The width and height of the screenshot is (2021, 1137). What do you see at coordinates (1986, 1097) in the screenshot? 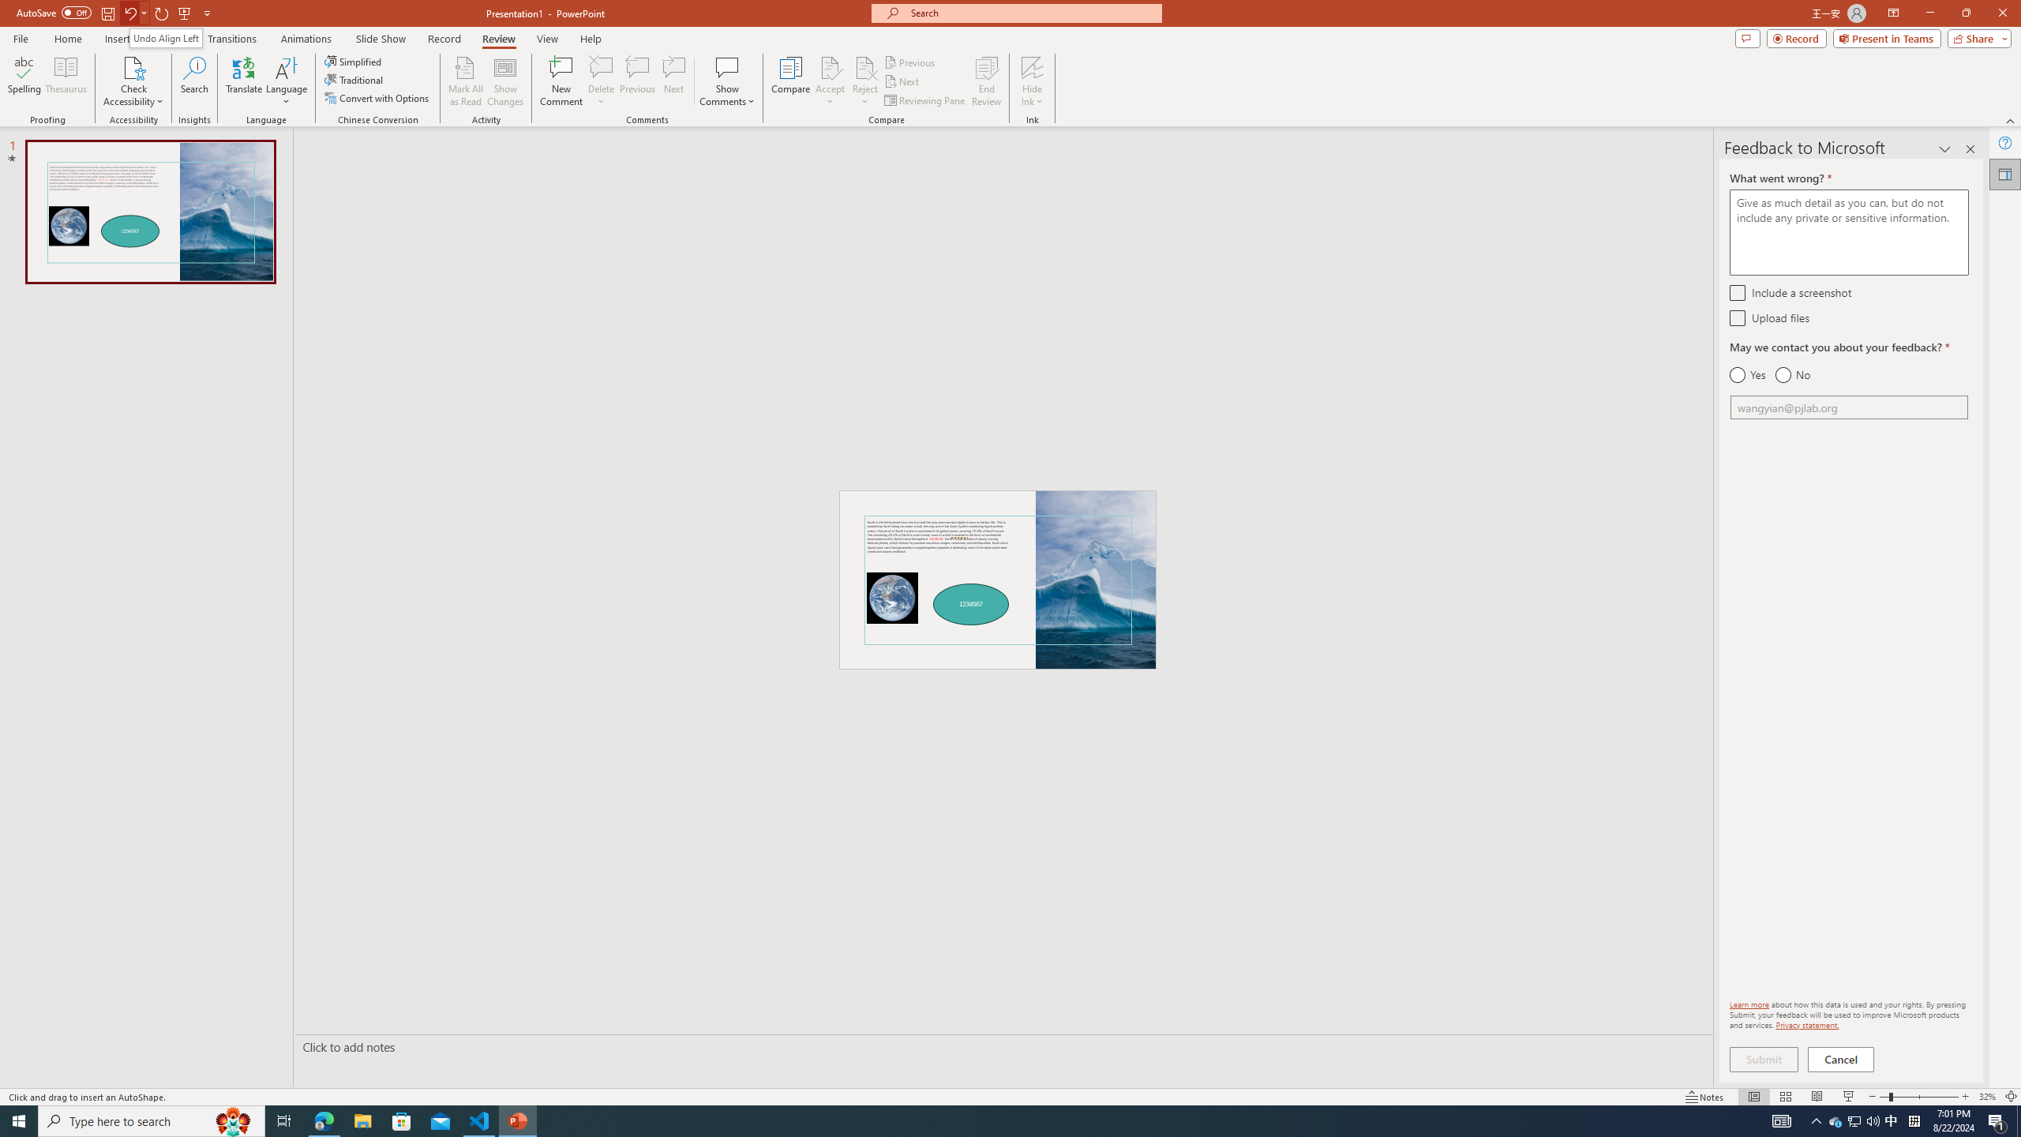
I see `'Zoom 32%'` at bounding box center [1986, 1097].